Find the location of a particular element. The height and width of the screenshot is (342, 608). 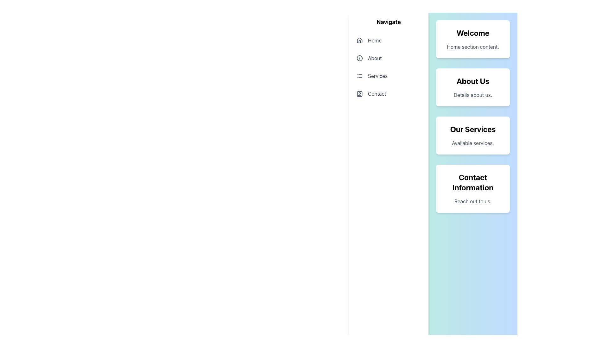

the Text Label at the top of the navigation menu that indicates the purpose of the list of items below it is located at coordinates (388, 22).